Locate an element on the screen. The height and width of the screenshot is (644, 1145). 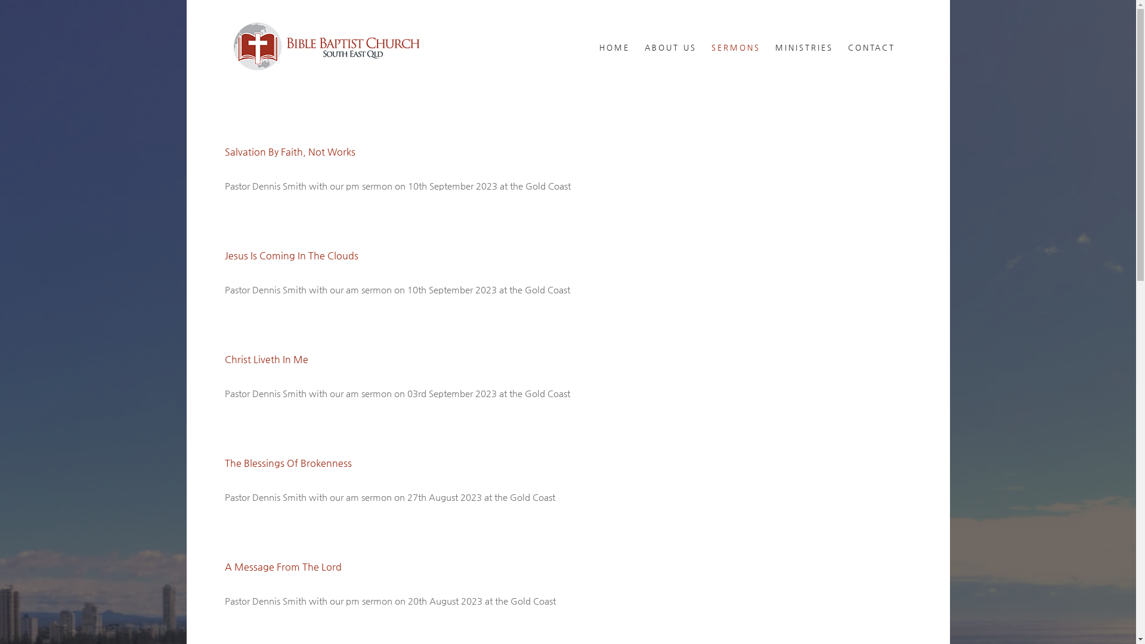
'HOME' is located at coordinates (614, 46).